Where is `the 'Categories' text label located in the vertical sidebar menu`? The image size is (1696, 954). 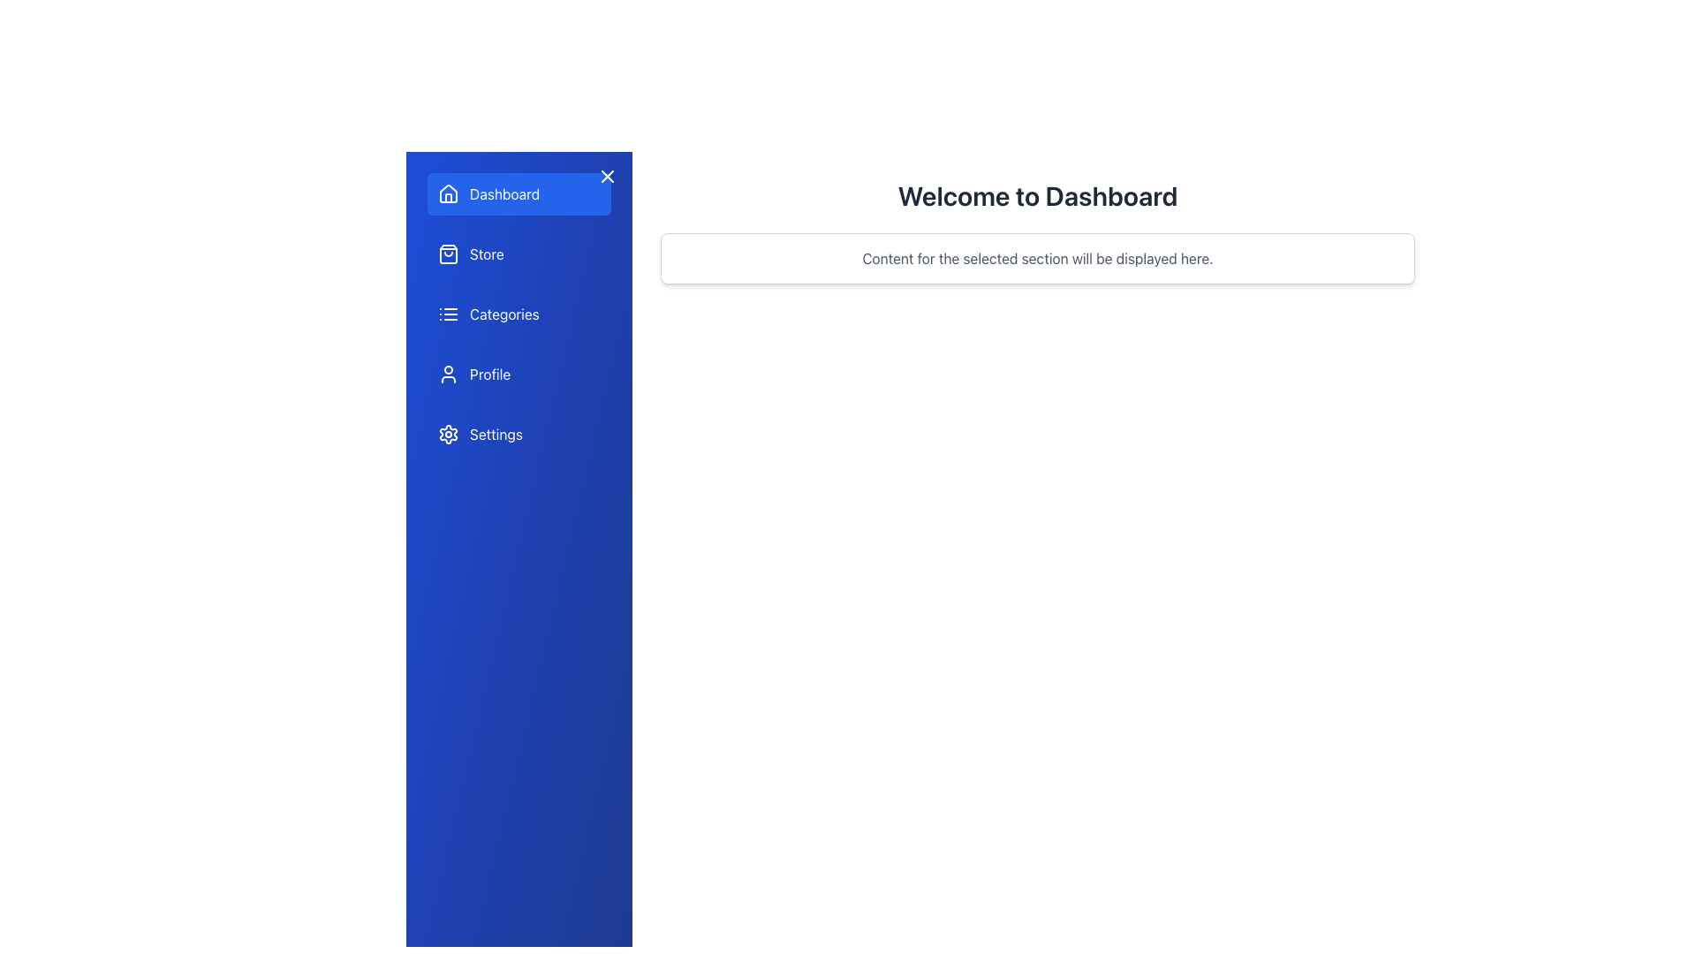
the 'Categories' text label located in the vertical sidebar menu is located at coordinates (503, 313).